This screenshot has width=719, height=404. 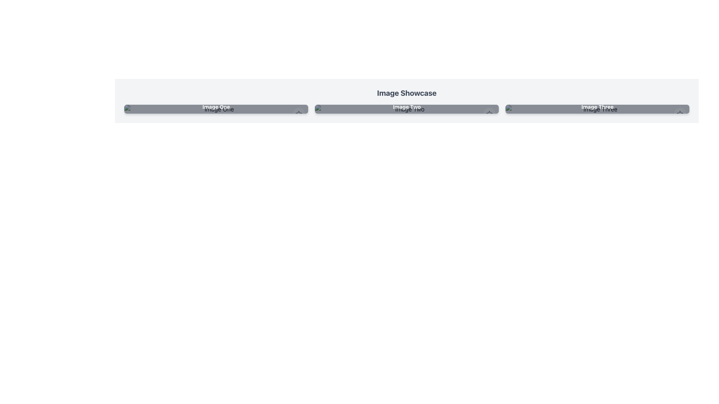 What do you see at coordinates (406, 107) in the screenshot?
I see `text label located at the bottom of the middle card, which is identified as 'Image Two'` at bounding box center [406, 107].